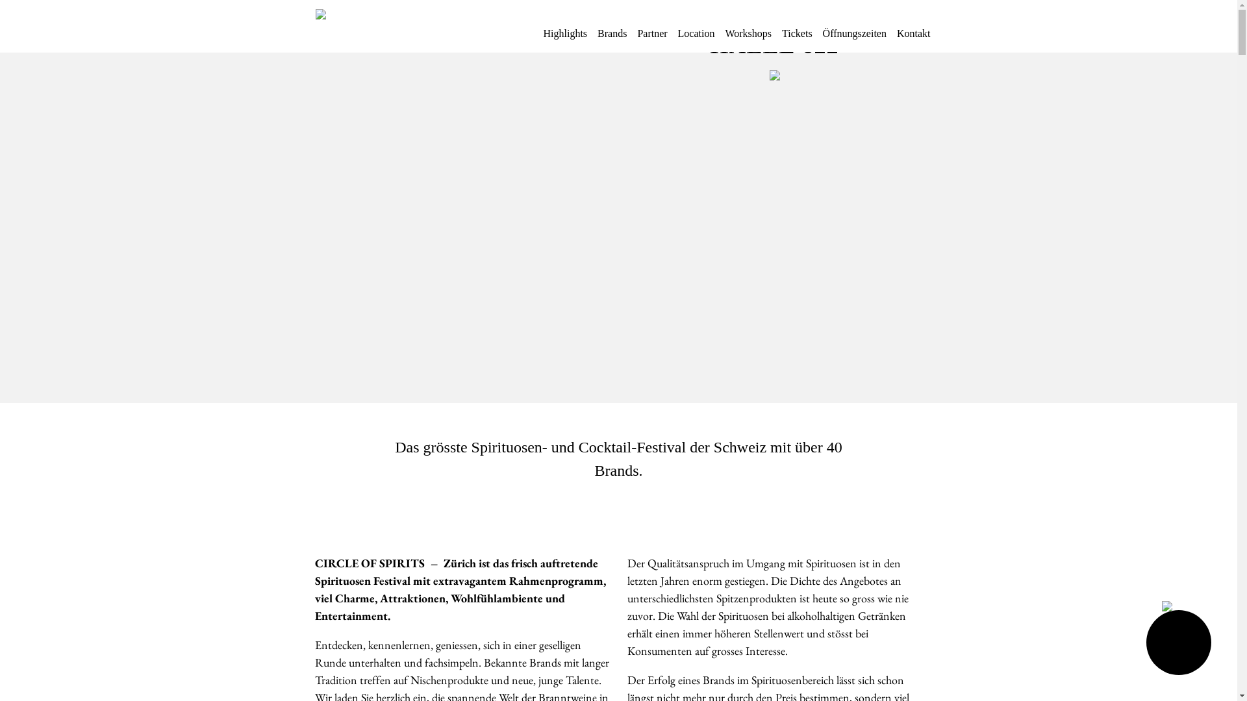  Describe the element at coordinates (651, 38) in the screenshot. I see `'Partner'` at that location.